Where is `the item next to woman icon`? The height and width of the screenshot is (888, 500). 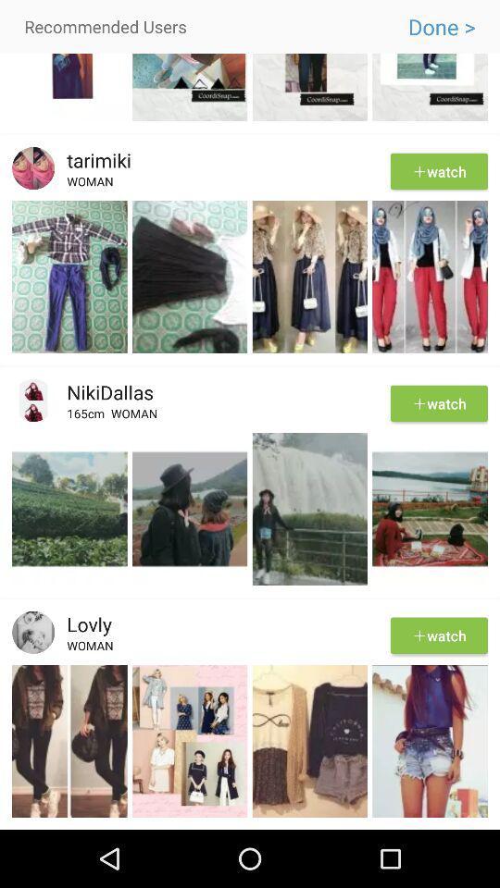
the item next to woman icon is located at coordinates (88, 416).